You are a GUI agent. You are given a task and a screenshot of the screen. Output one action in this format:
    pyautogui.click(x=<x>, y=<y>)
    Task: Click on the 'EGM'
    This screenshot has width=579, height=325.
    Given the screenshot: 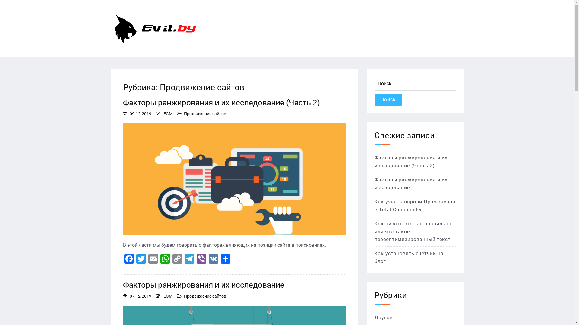 What is the action you would take?
    pyautogui.click(x=168, y=114)
    